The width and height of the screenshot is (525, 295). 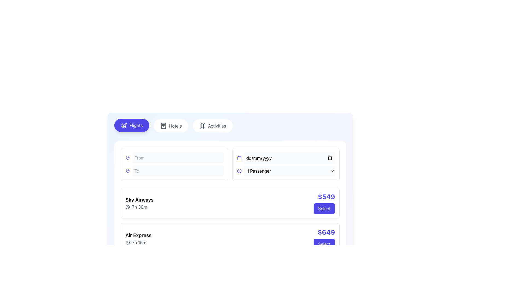 What do you see at coordinates (171, 126) in the screenshot?
I see `the 'Hotels' navigation button located between the 'Flights' and 'Activities' buttons to change its background color` at bounding box center [171, 126].